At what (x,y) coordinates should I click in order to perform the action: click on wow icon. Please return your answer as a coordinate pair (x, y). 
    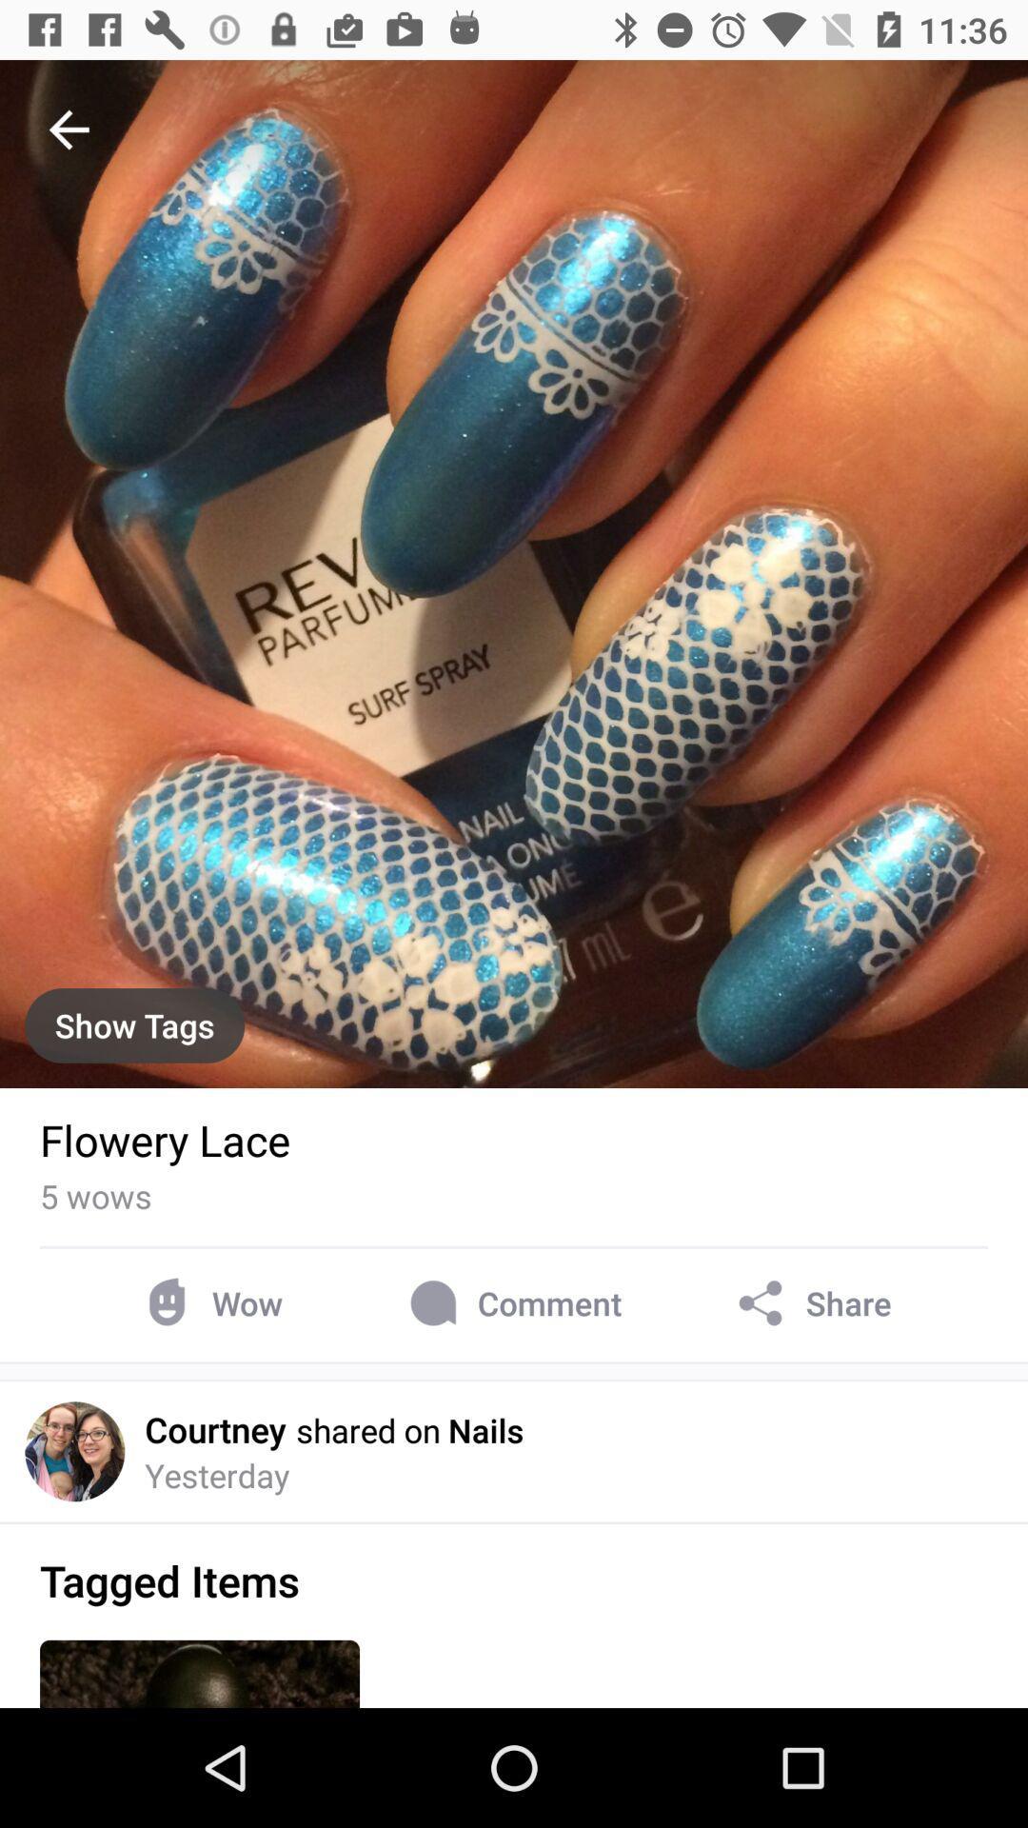
    Looking at the image, I should click on (209, 1302).